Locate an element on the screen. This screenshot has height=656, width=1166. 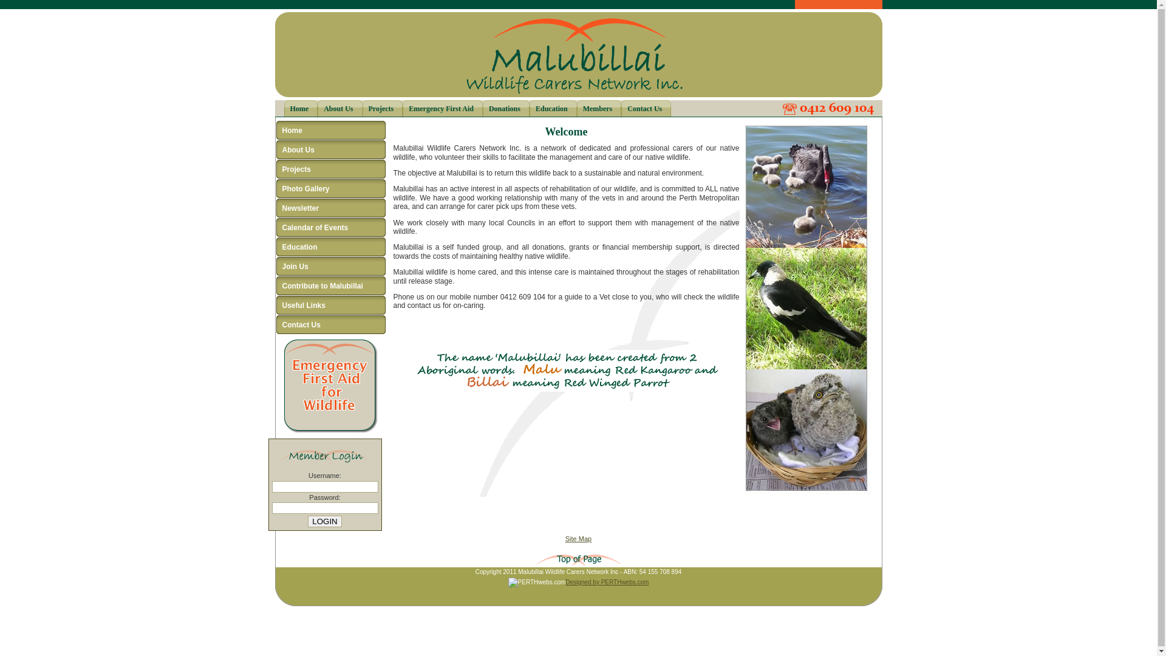
'Site Map' is located at coordinates (578, 538).